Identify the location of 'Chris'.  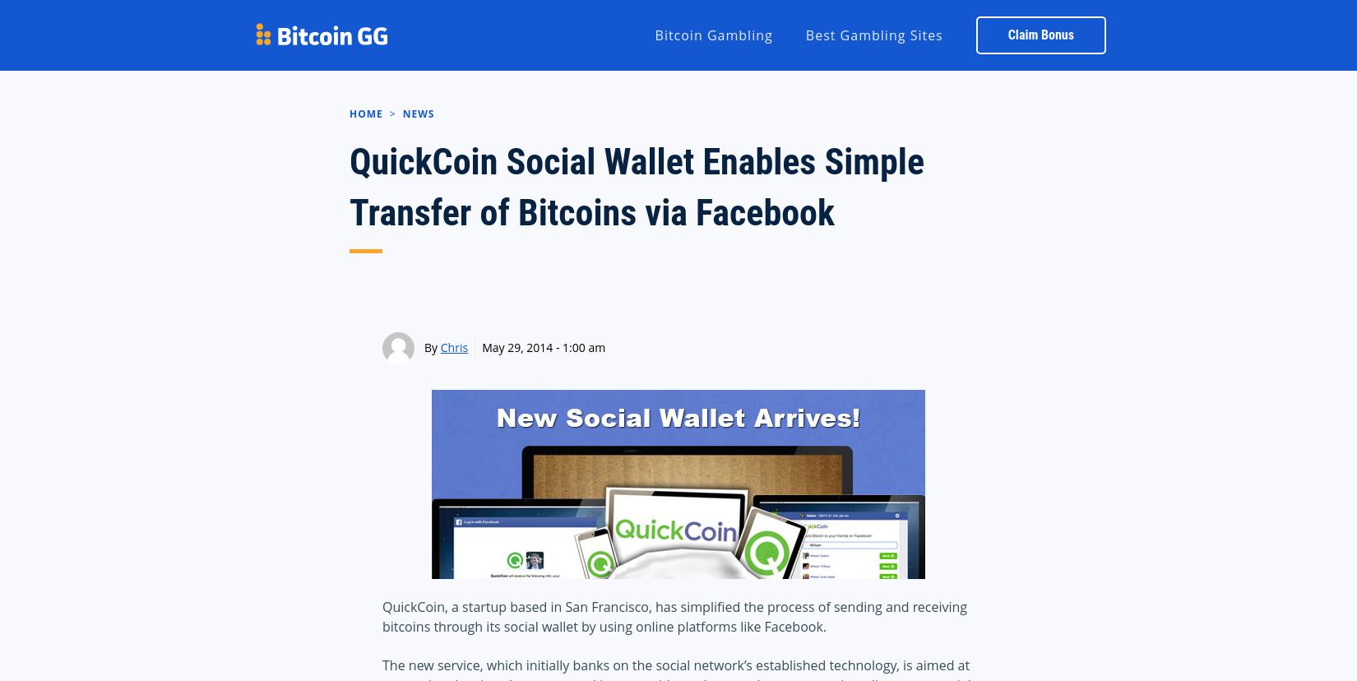
(438, 347).